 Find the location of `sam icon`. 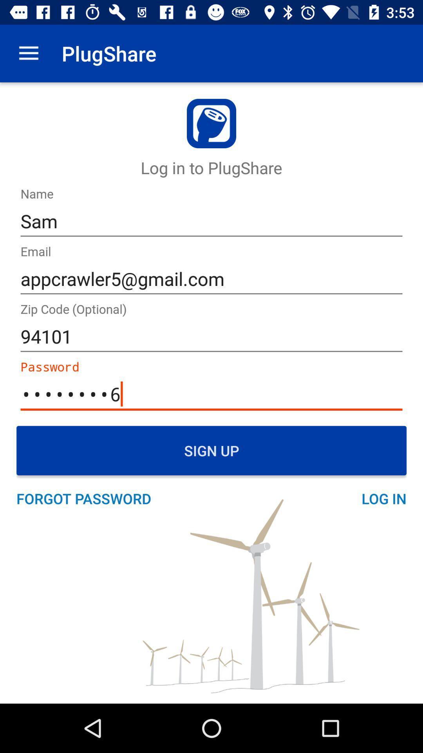

sam icon is located at coordinates (211, 221).